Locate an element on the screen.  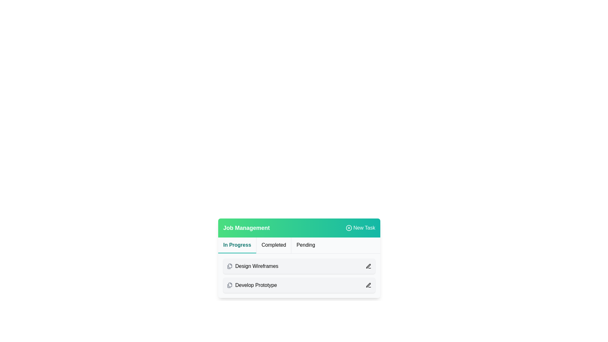
the card labeled 'Develop Prototype' which is the second item under the 'In Progress' tab in the 'Job Management' interface is located at coordinates (299, 285).